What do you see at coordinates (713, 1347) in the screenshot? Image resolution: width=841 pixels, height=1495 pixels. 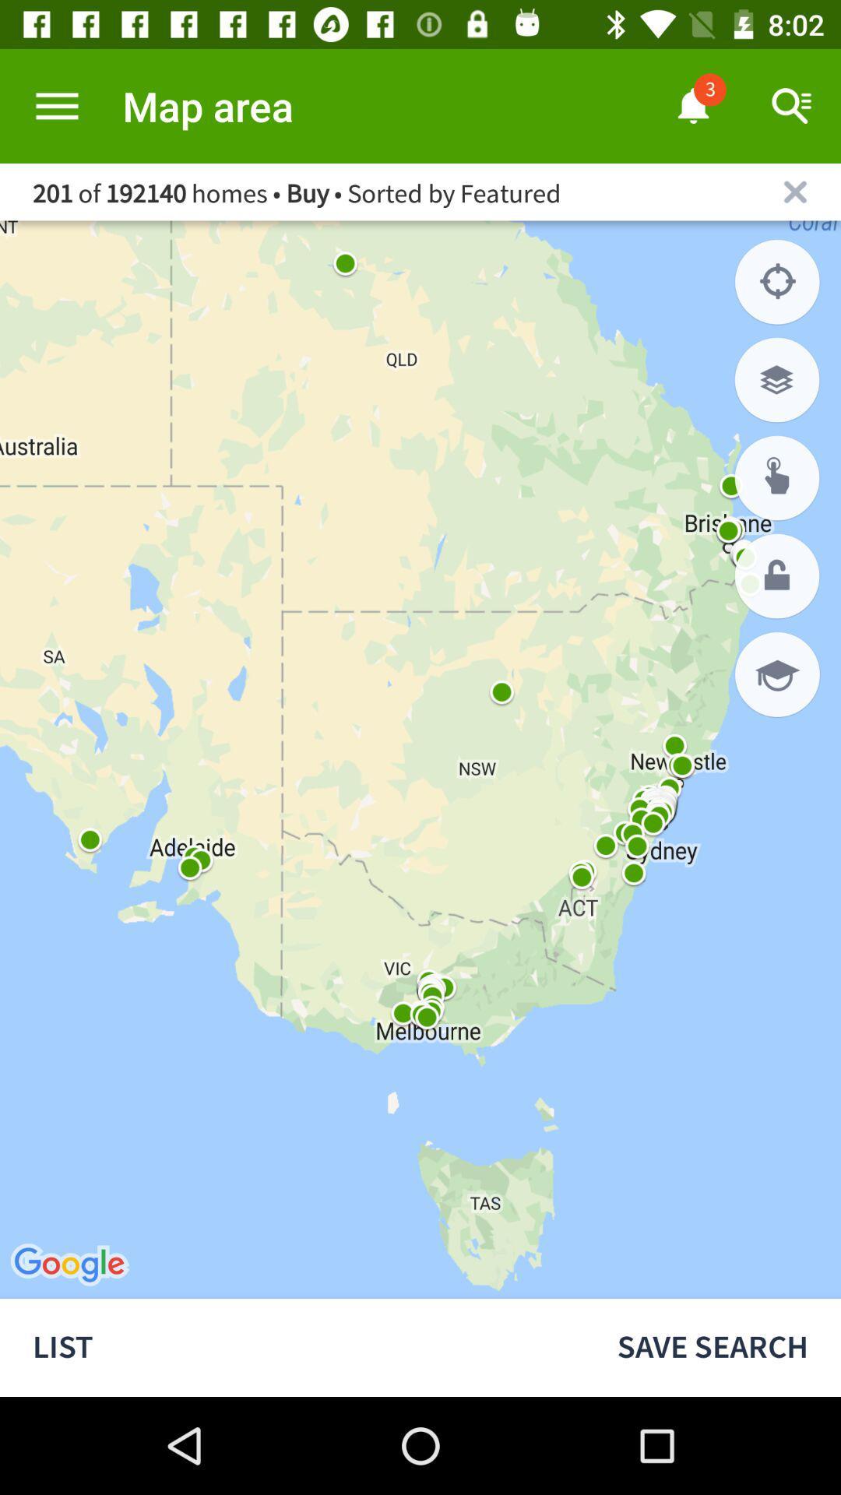 I see `the icon to the right of list icon` at bounding box center [713, 1347].